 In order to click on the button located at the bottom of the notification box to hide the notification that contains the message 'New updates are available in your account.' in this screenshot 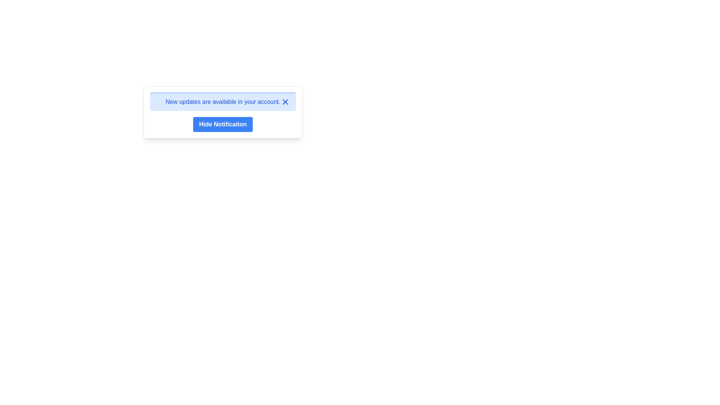, I will do `click(222, 124)`.